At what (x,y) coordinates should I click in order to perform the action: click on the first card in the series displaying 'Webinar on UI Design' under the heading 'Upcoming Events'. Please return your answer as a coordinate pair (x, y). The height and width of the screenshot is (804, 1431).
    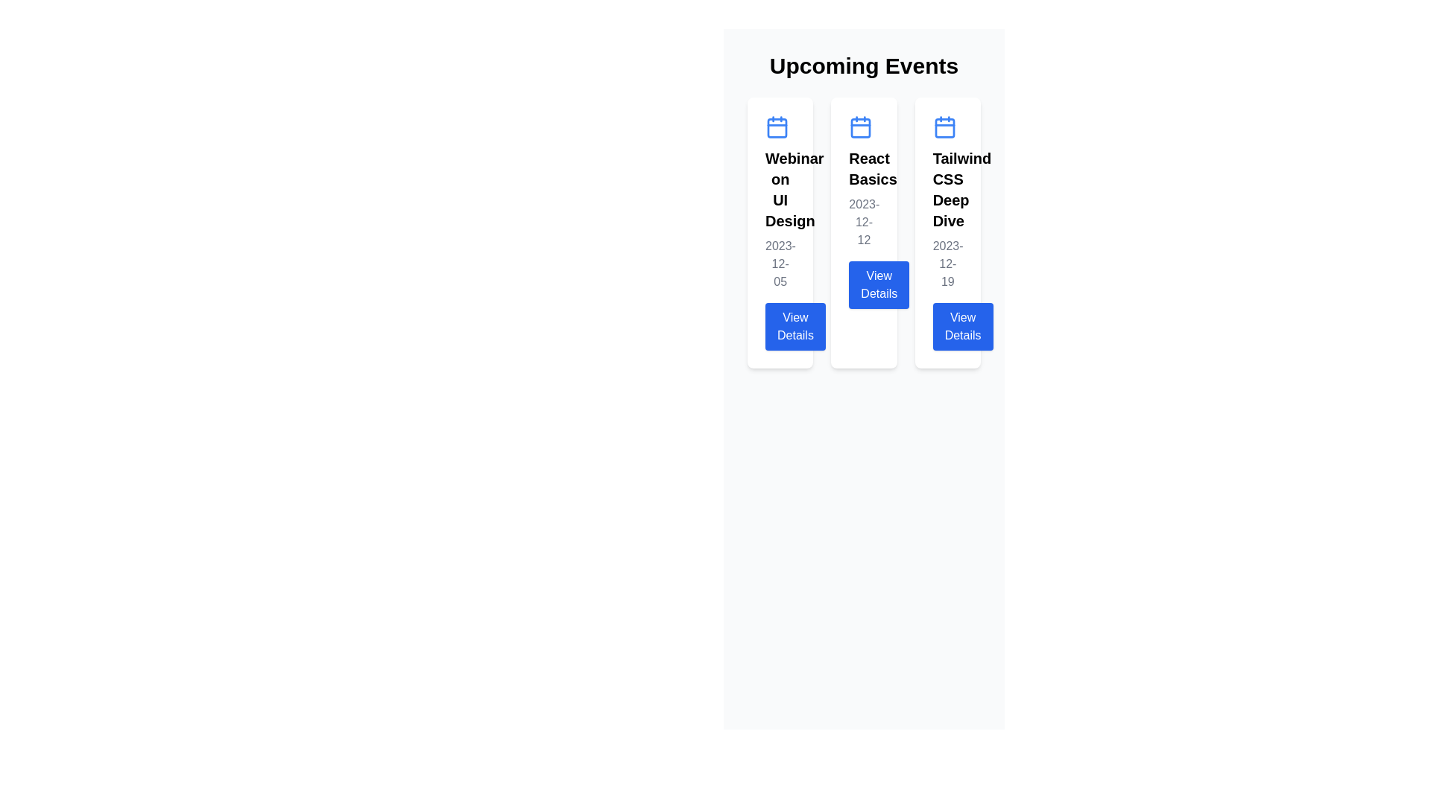
    Looking at the image, I should click on (780, 232).